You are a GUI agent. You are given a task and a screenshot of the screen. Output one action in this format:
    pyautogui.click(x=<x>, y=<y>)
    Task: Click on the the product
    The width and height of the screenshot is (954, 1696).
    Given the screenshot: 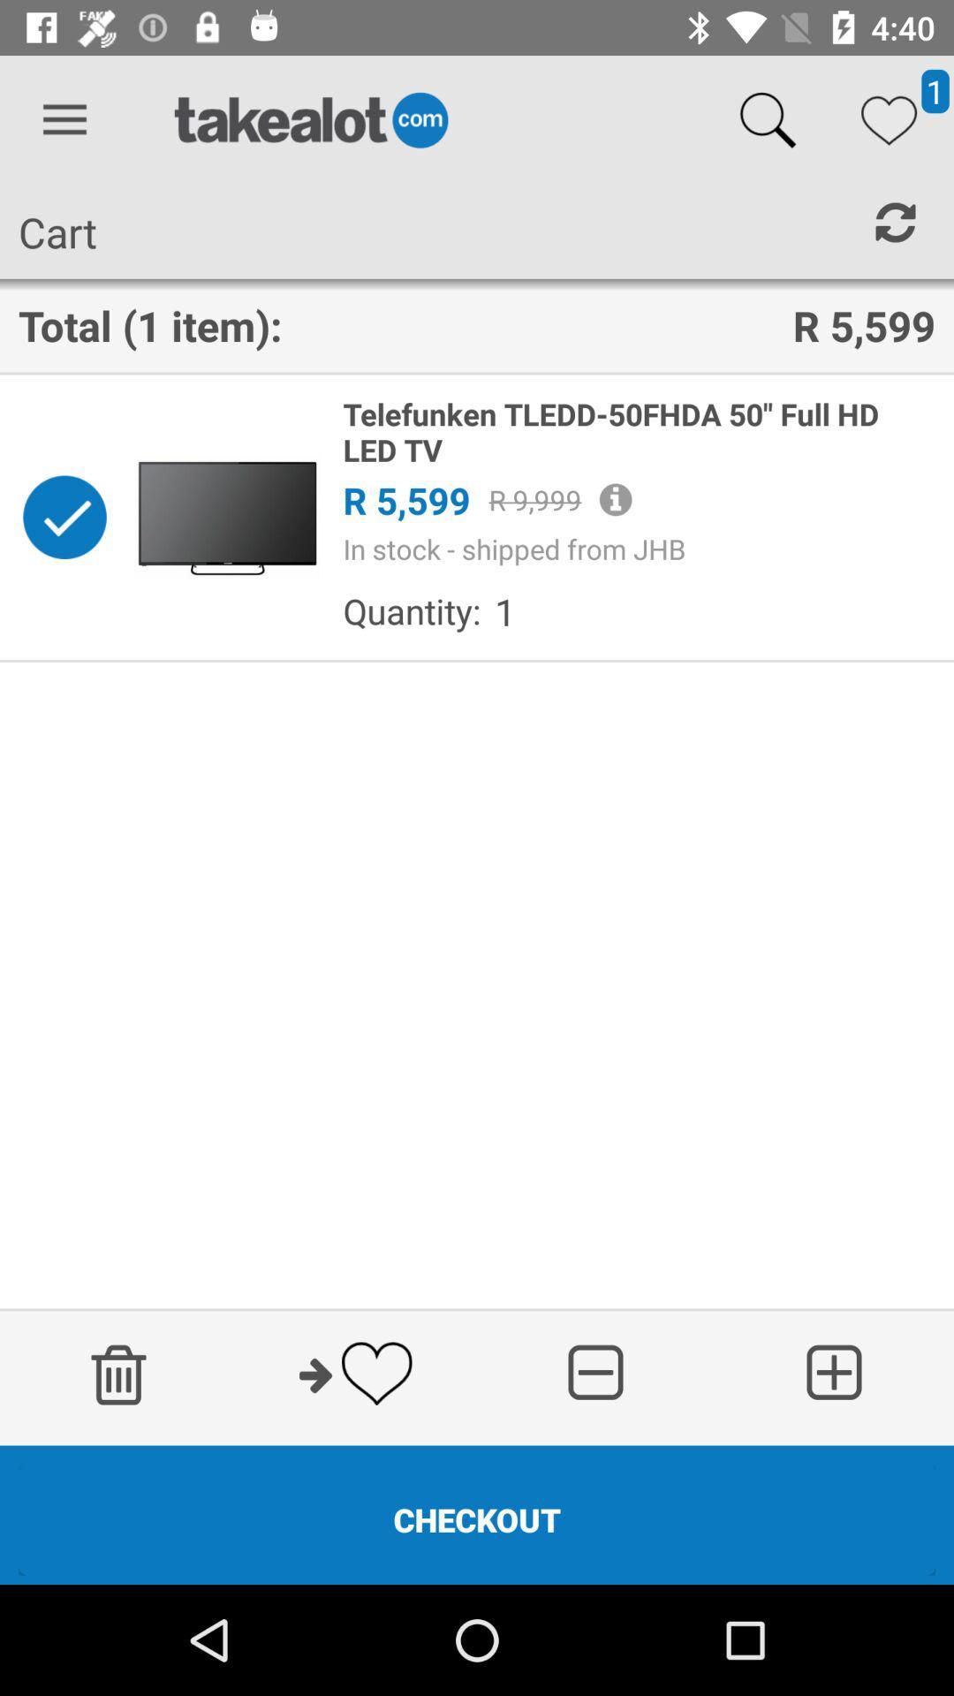 What is the action you would take?
    pyautogui.click(x=64, y=516)
    